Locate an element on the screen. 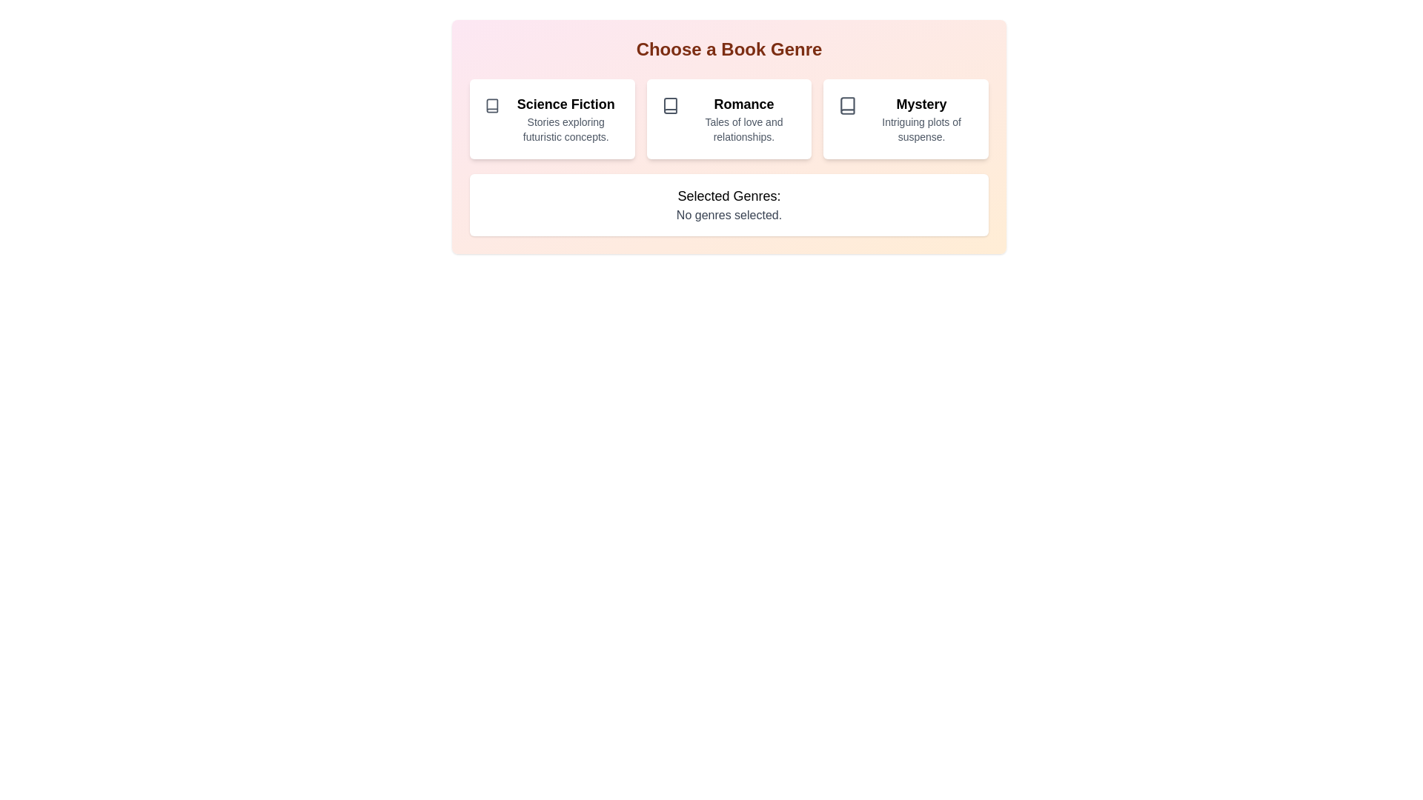 The width and height of the screenshot is (1423, 800). the 'Science Fiction' label, which is prominently displayed in bold above the descriptive text within the genre card layout, located in the 'Choose a Book Genre' section is located at coordinates (565, 104).